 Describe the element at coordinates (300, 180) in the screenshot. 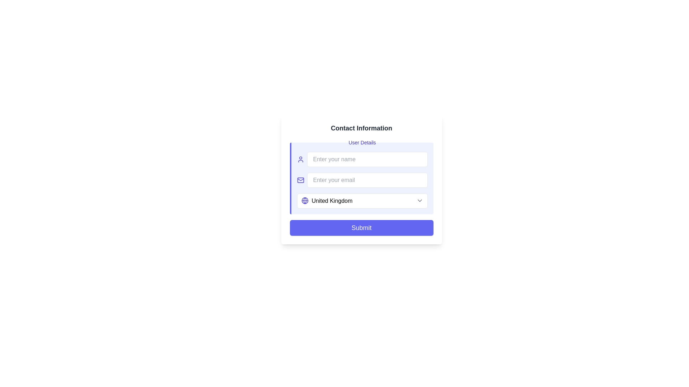

I see `the decorative envelope icon, which is outlined in indigo and located to the left of the 'Enter your email' input field in the 'Contact Information' form` at that location.